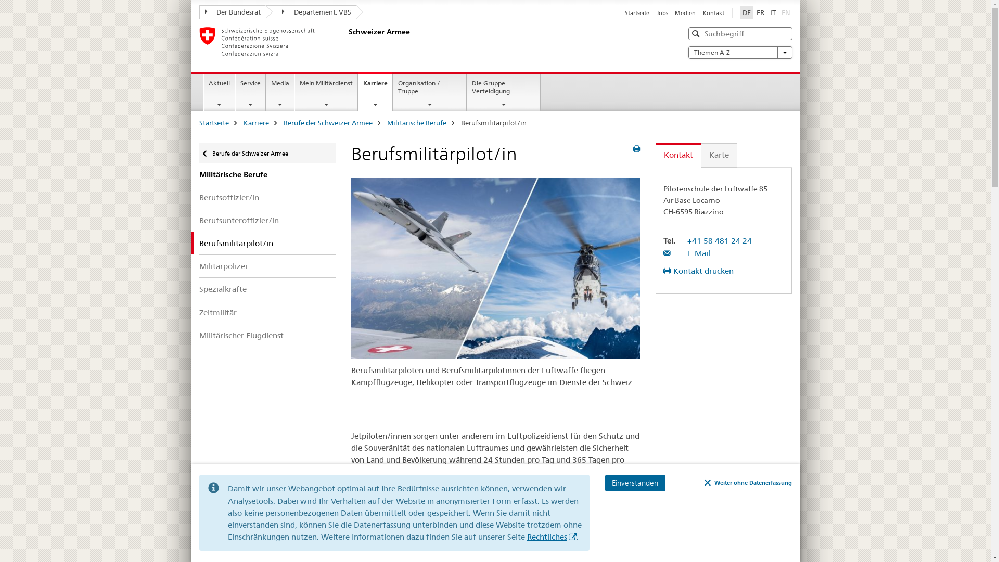 This screenshot has width=999, height=562. Describe the element at coordinates (786, 12) in the screenshot. I see `'EN` at that location.